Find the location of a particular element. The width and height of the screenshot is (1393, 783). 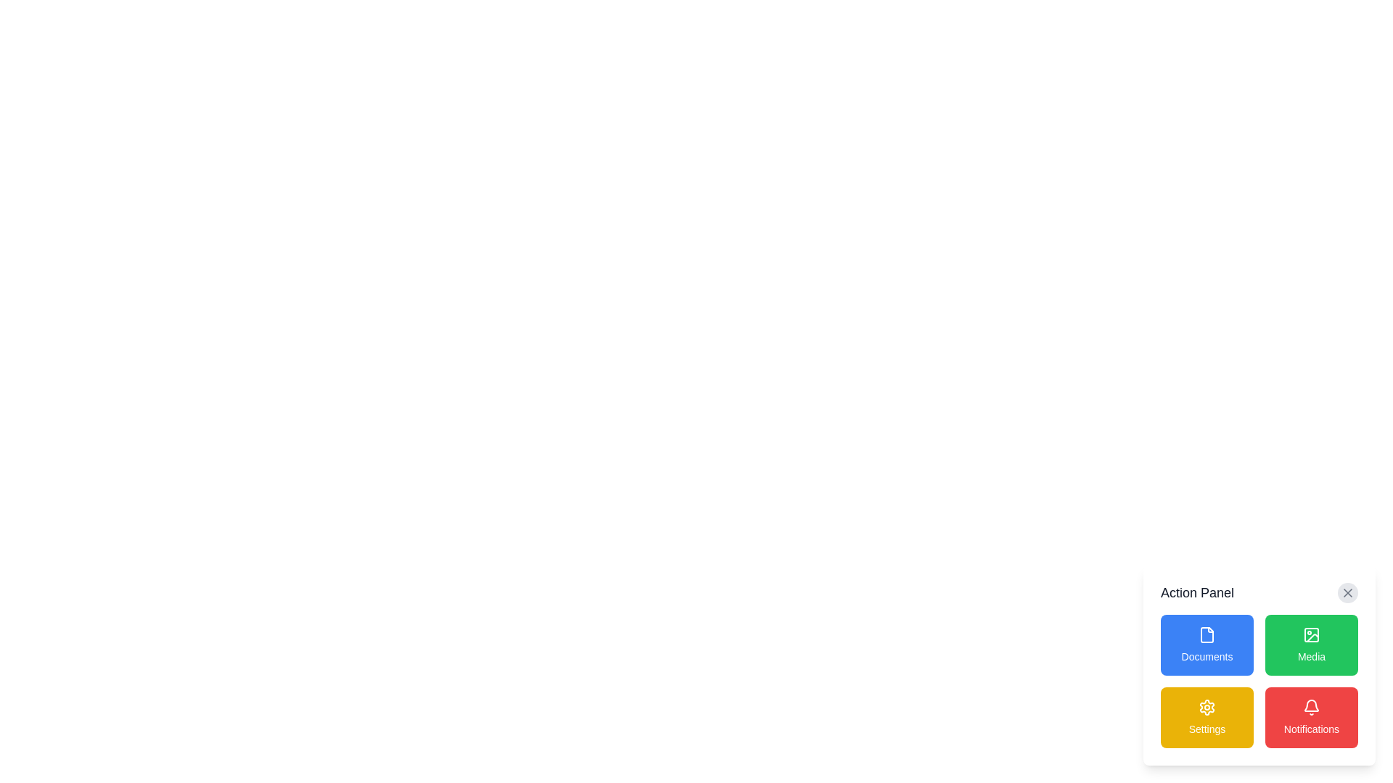

text label within the 'Settings' button located in the lower right section of the UI panel labeled 'Action Panel', positioned directly below the gear icon is located at coordinates (1207, 729).